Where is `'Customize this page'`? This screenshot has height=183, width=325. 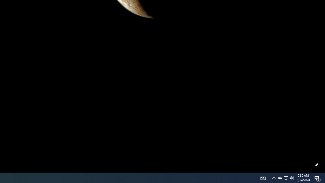 'Customize this page' is located at coordinates (317, 165).